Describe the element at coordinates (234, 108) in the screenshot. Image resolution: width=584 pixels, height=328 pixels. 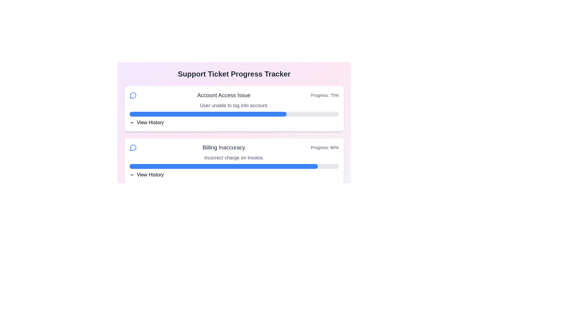
I see `the support ticket Card section at the top of the layout` at that location.